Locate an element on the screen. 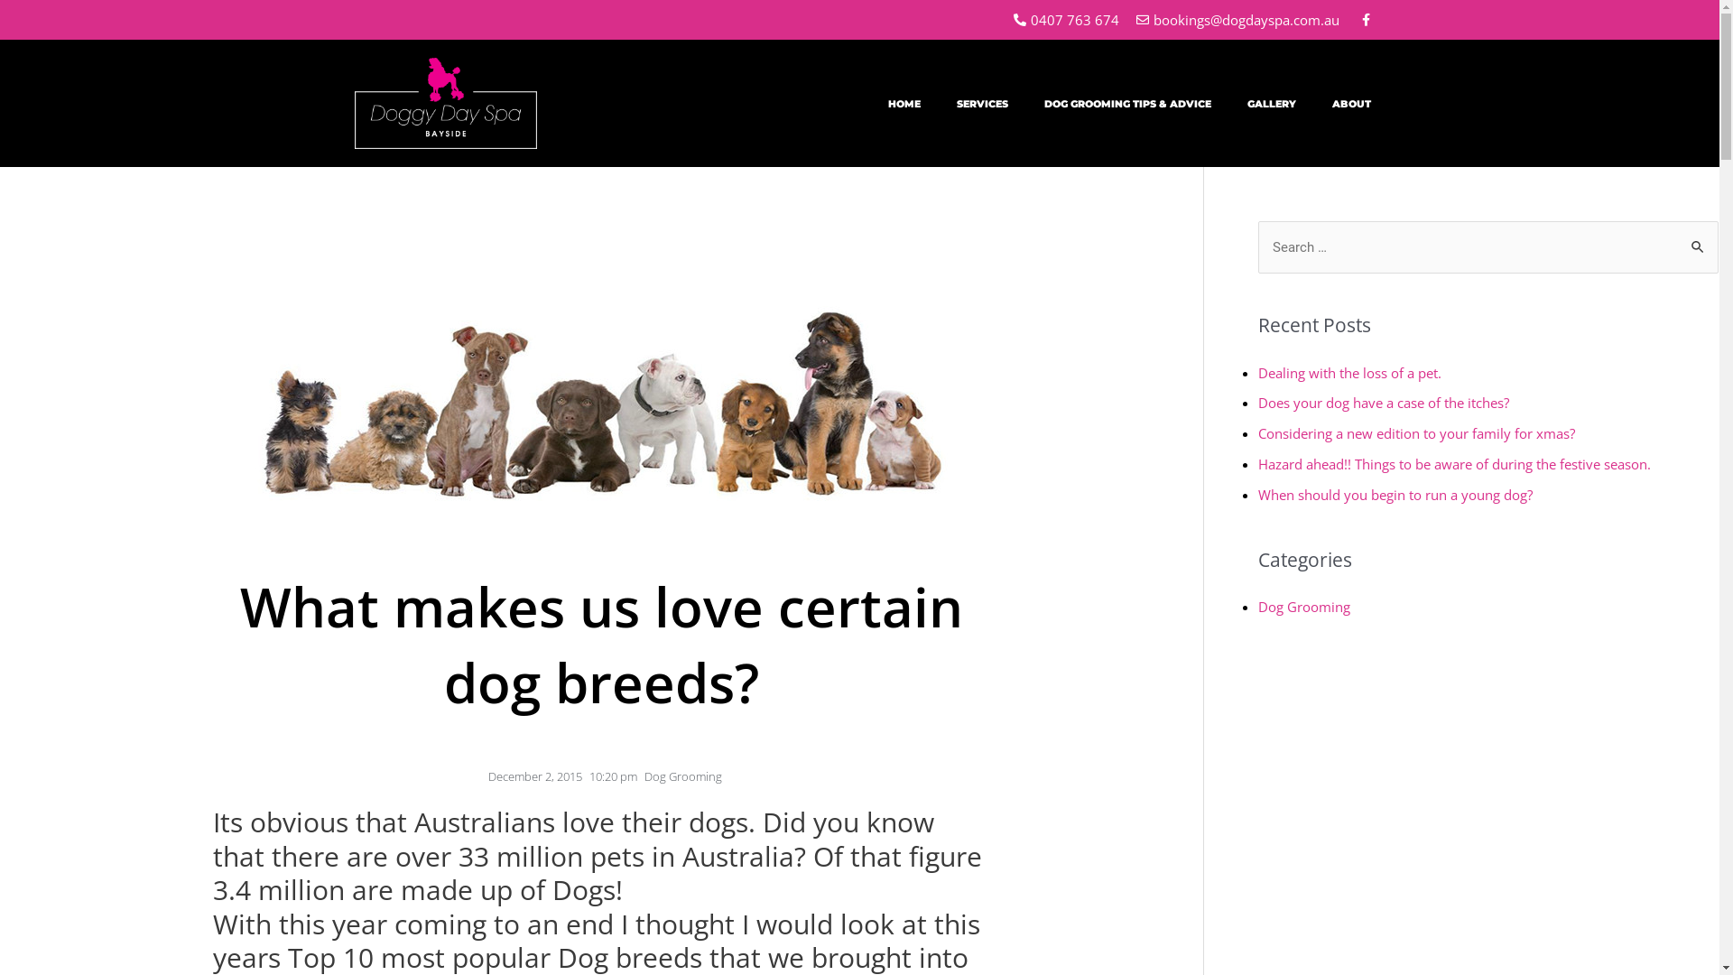  '0407 763 674' is located at coordinates (1064, 20).